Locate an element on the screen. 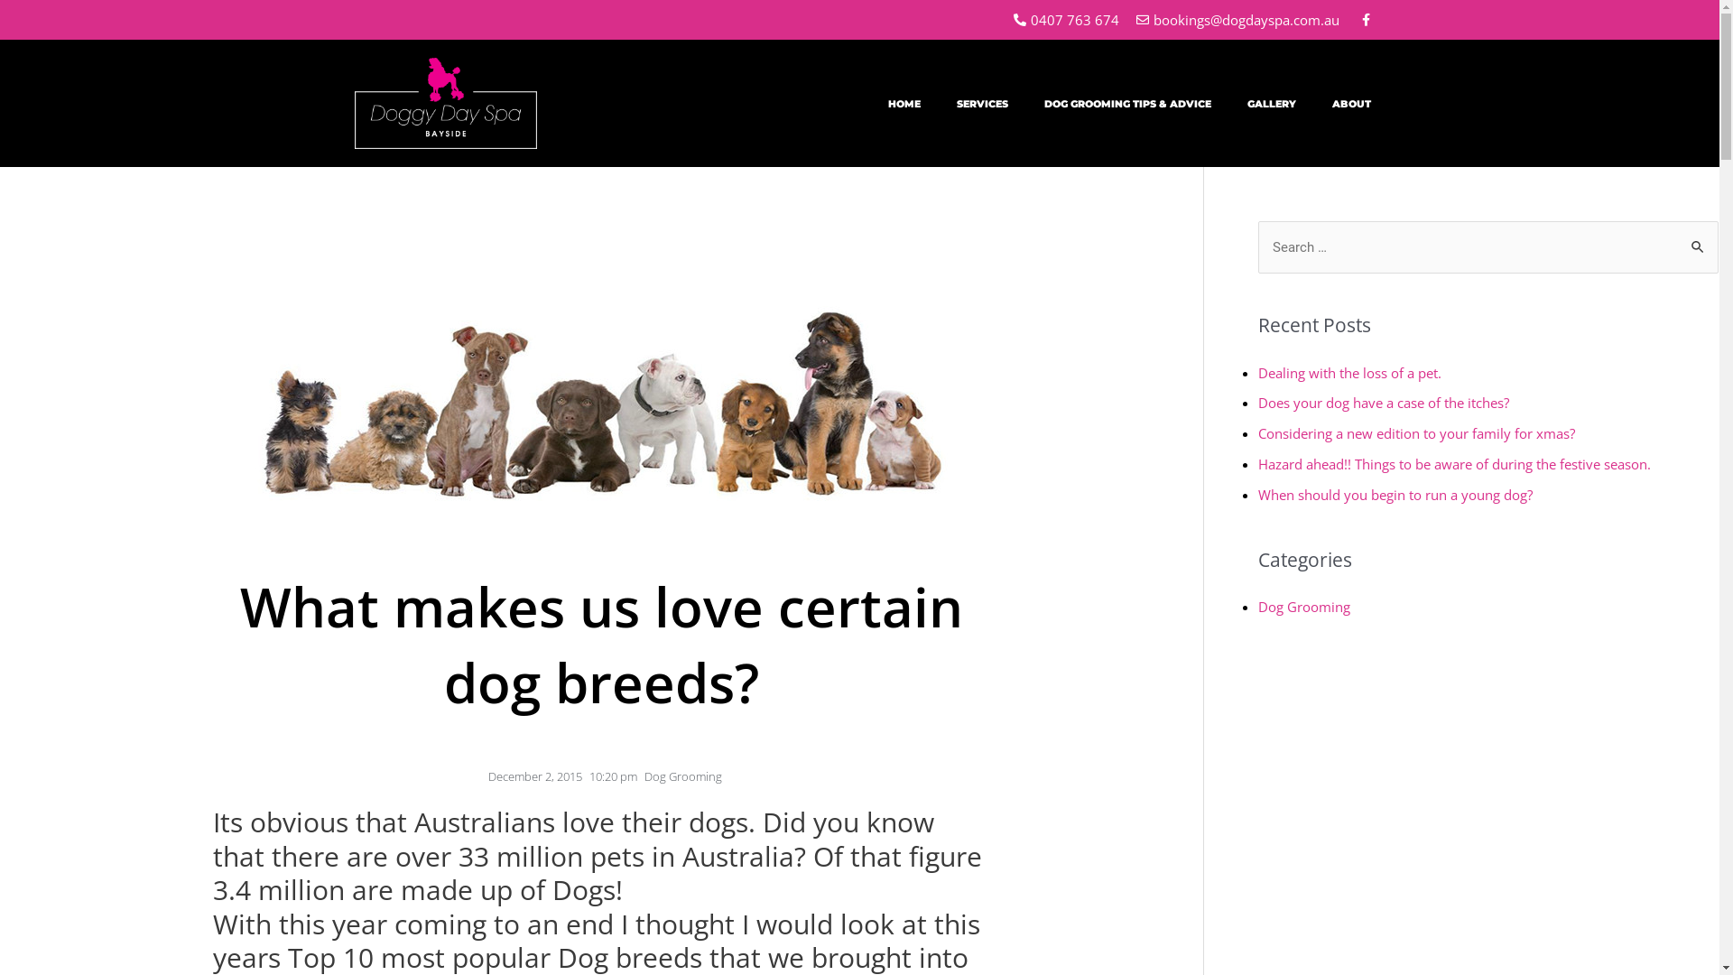  '0407 763 674' is located at coordinates (1064, 20).